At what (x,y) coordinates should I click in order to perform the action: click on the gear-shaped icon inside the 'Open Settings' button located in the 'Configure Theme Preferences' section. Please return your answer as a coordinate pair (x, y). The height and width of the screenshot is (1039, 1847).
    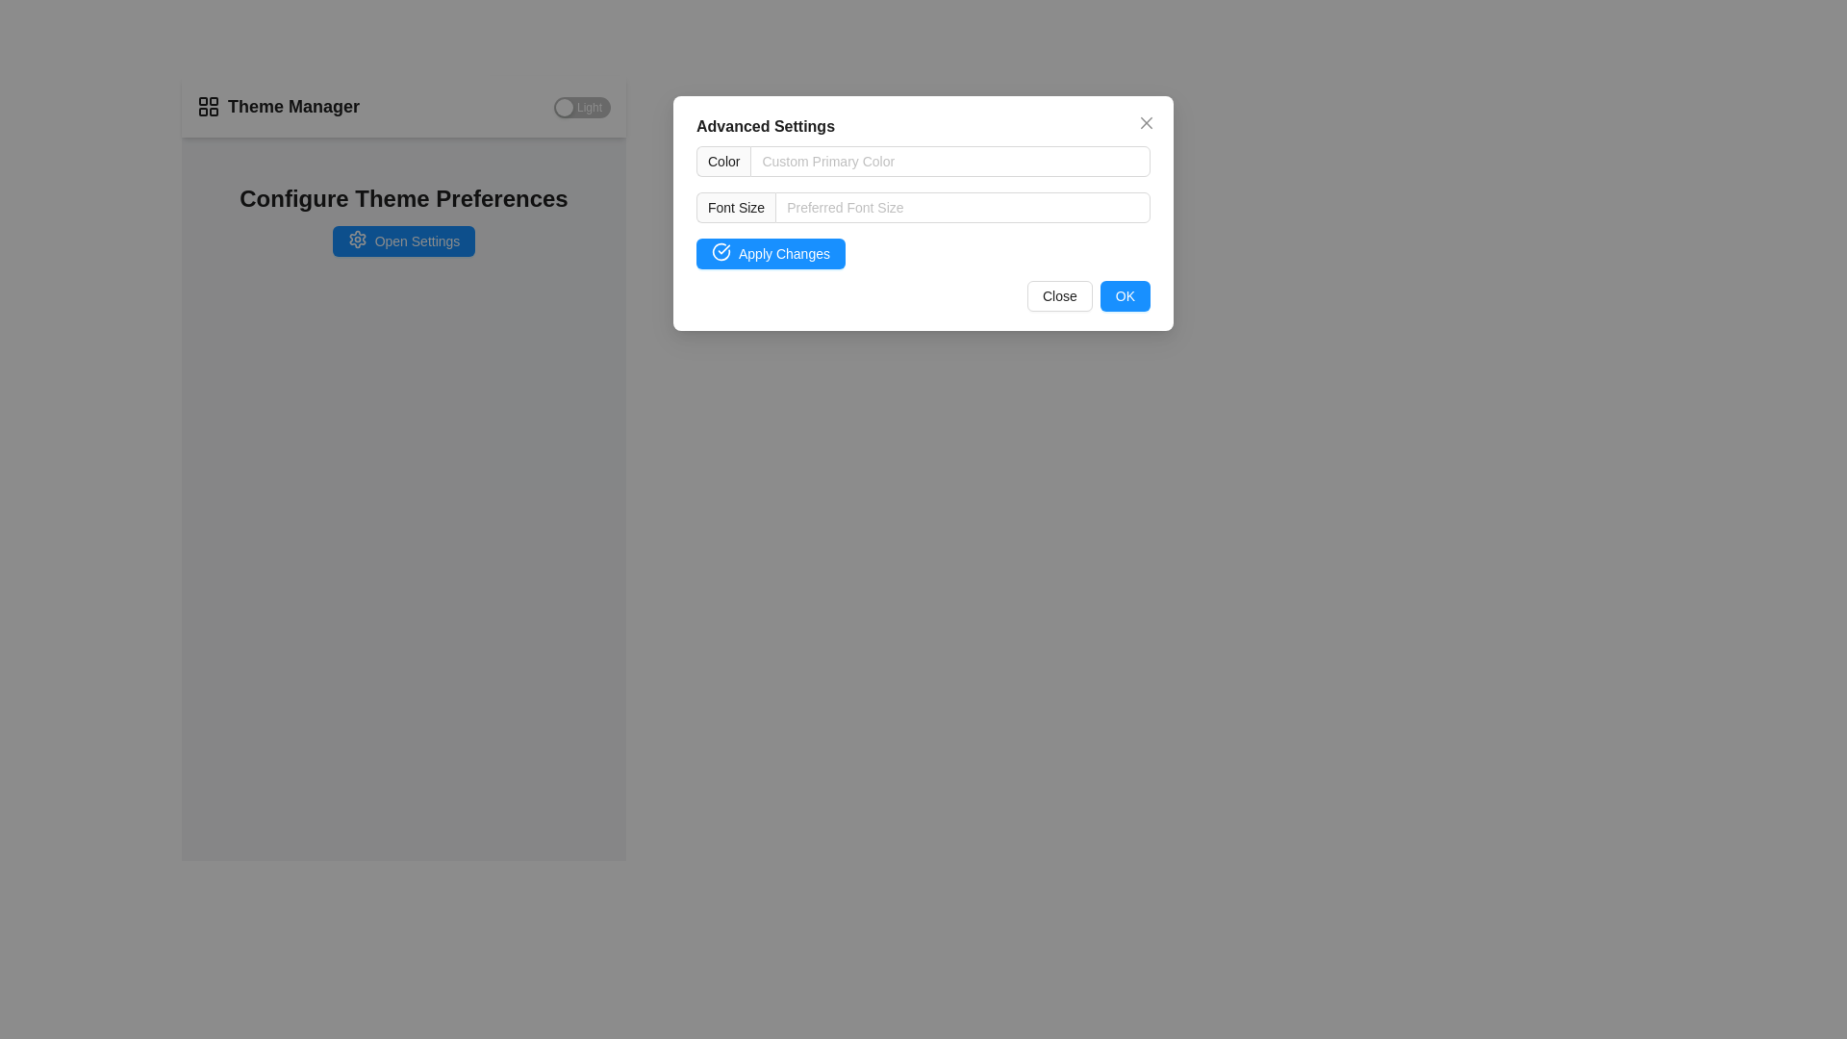
    Looking at the image, I should click on (357, 238).